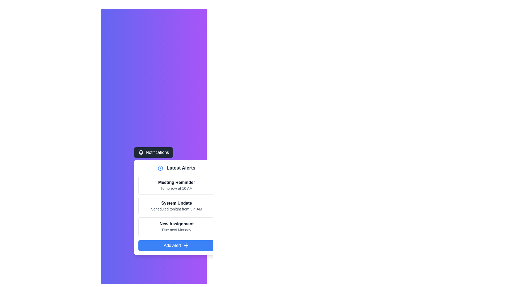  What do you see at coordinates (176, 182) in the screenshot?
I see `the Text Label that serves as the title or header for a notification card, located at the top-center of the alert entry card` at bounding box center [176, 182].